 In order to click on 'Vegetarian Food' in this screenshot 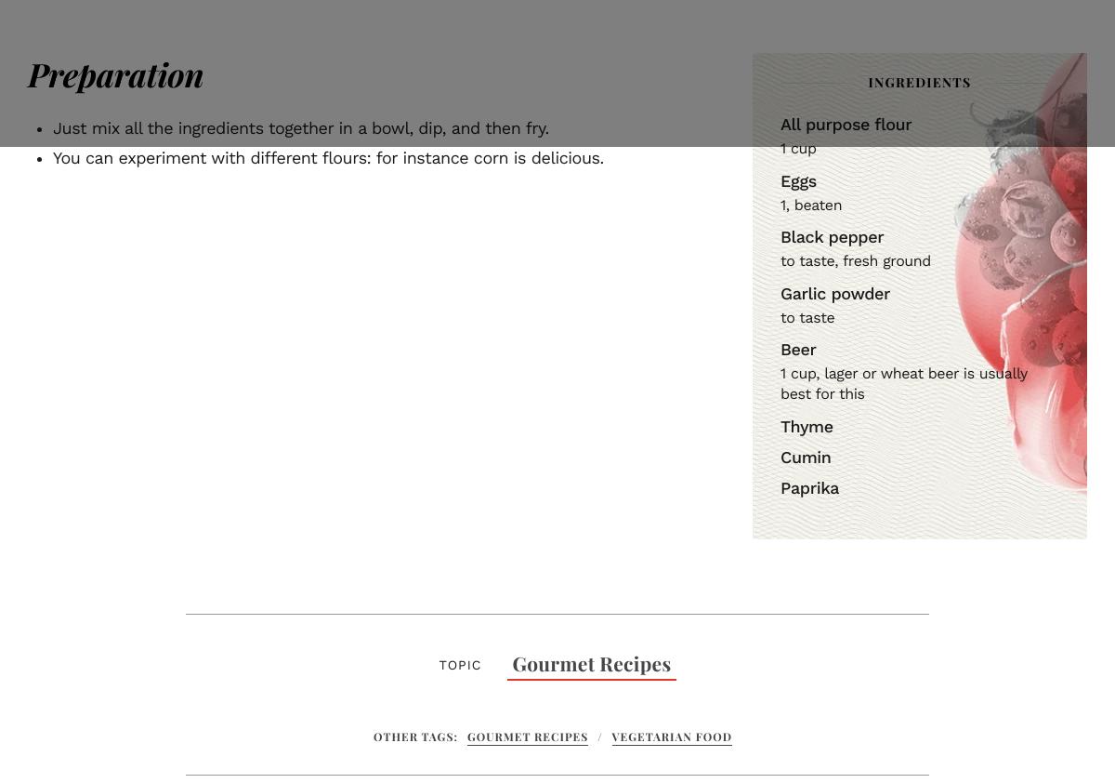, I will do `click(672, 736)`.